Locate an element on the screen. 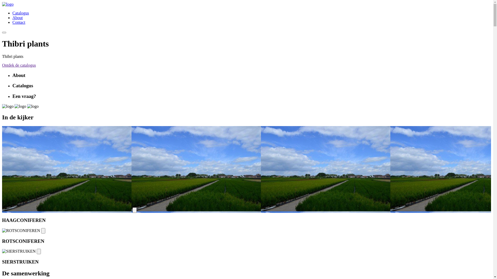 The height and width of the screenshot is (279, 497). 'HAAGCONIFEREN' is located at coordinates (67, 168).